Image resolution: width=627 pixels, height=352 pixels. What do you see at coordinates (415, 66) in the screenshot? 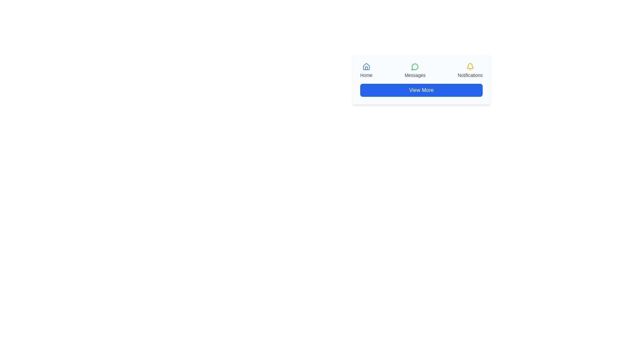
I see `the 'Messages' icon located in the navigation area between 'Home' and 'Notifications', positioned above the label 'Messages'` at bounding box center [415, 66].